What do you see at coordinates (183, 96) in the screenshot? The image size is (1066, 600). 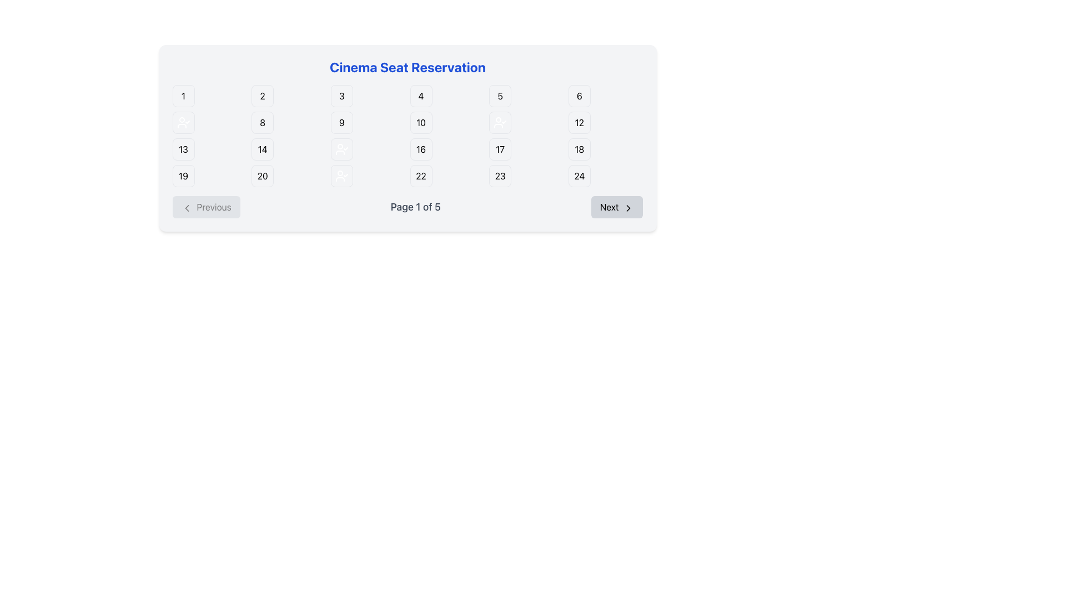 I see `the small square button with a green background and a black number '1' displayed in the center` at bounding box center [183, 96].